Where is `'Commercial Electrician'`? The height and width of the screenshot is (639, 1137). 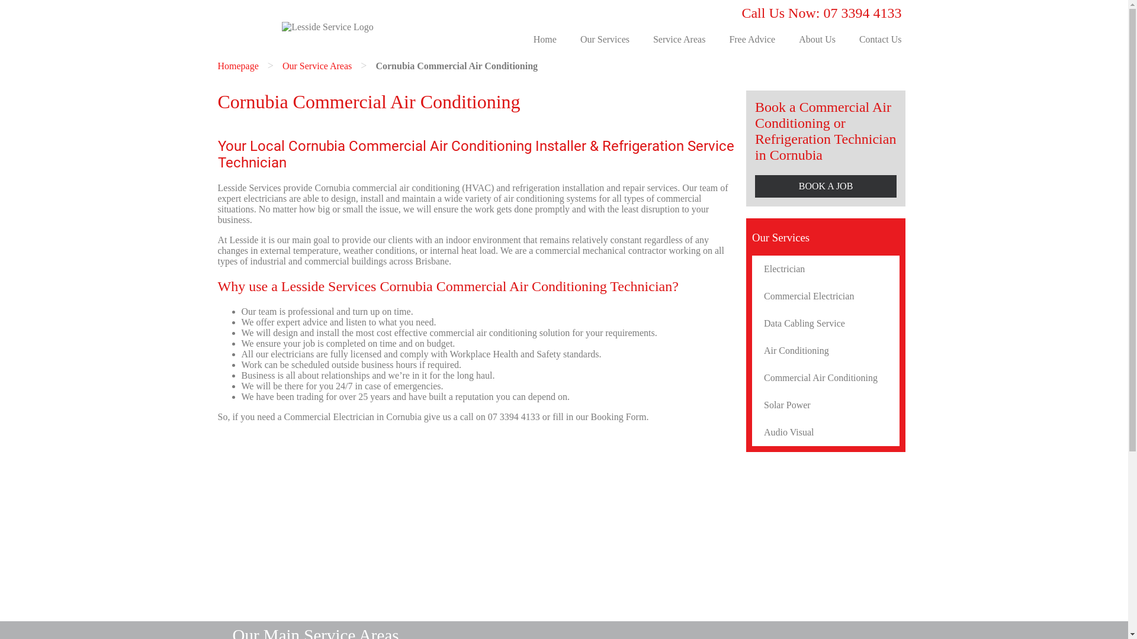
'Commercial Electrician' is located at coordinates (825, 296).